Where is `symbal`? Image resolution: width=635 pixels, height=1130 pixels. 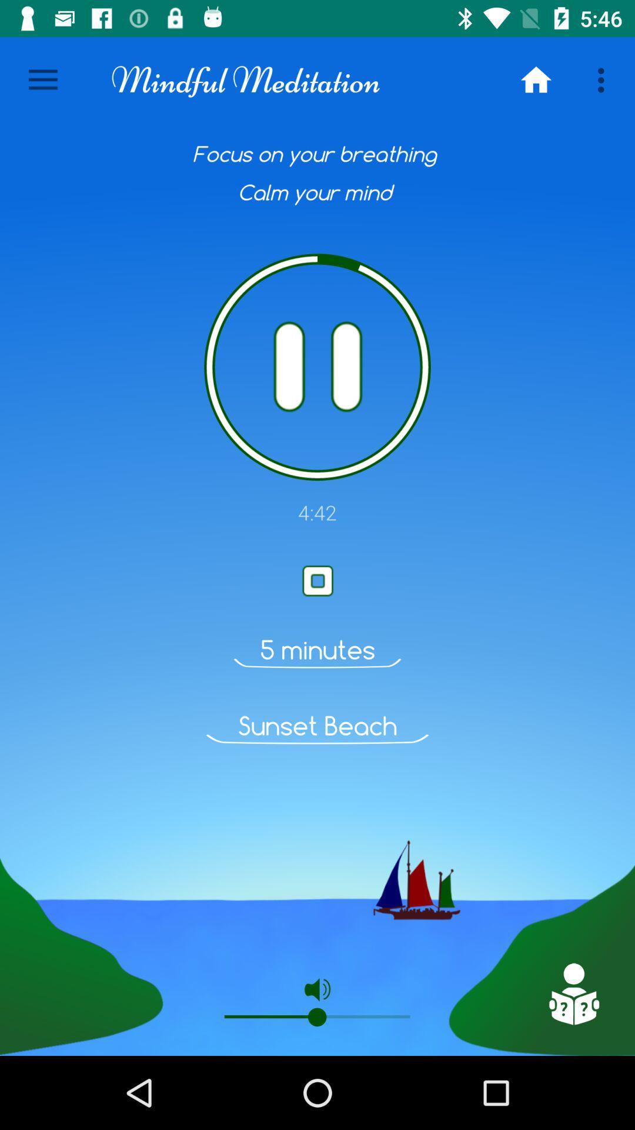
symbal is located at coordinates (317, 367).